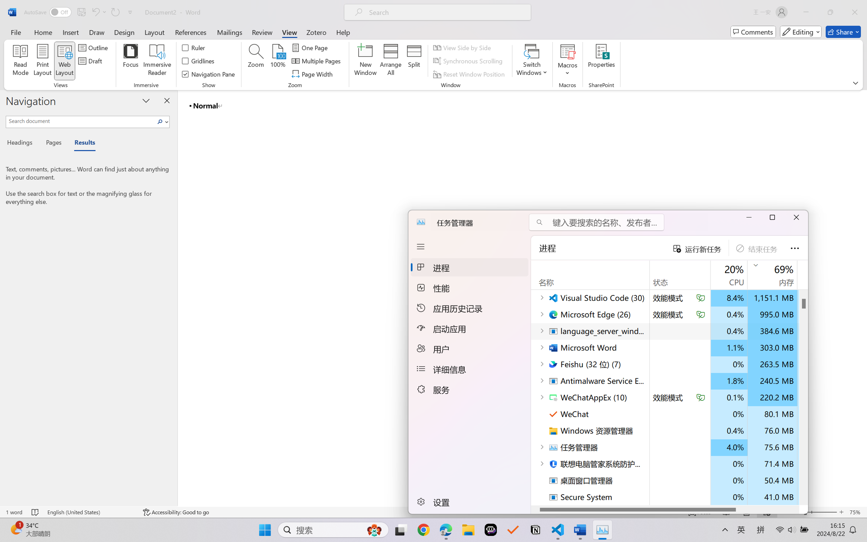 The height and width of the screenshot is (542, 867). Describe the element at coordinates (567, 61) in the screenshot. I see `'Macros'` at that location.